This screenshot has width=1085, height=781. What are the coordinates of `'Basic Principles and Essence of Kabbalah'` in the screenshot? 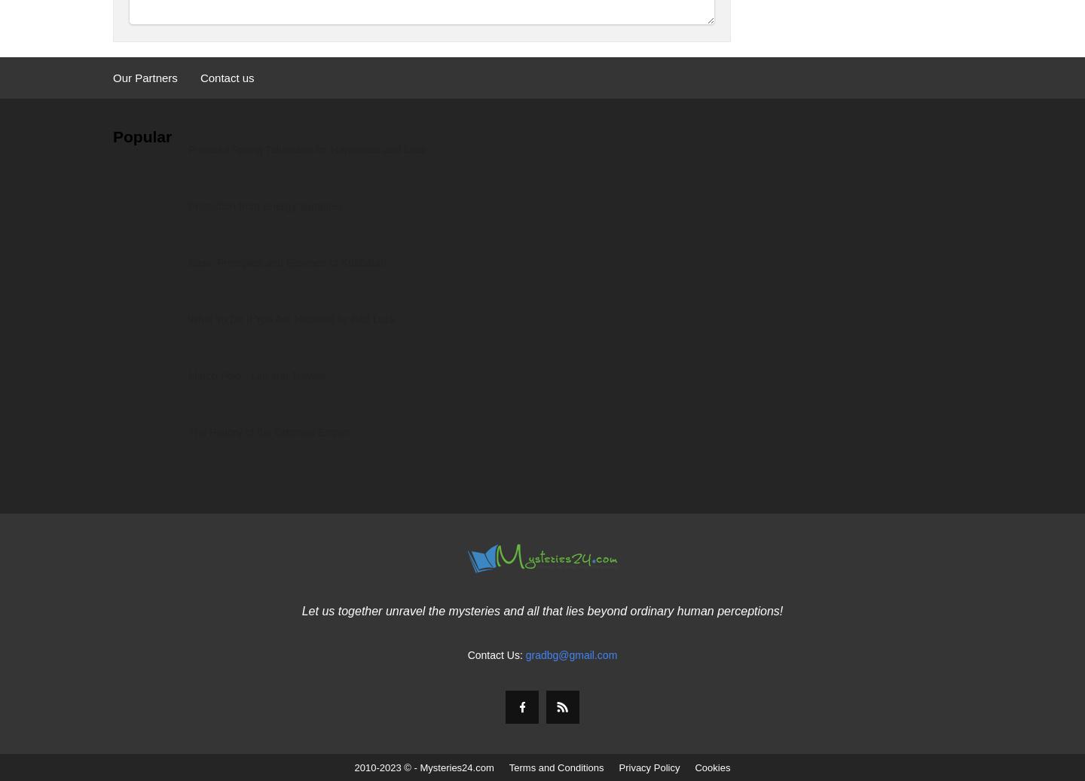 It's located at (286, 261).